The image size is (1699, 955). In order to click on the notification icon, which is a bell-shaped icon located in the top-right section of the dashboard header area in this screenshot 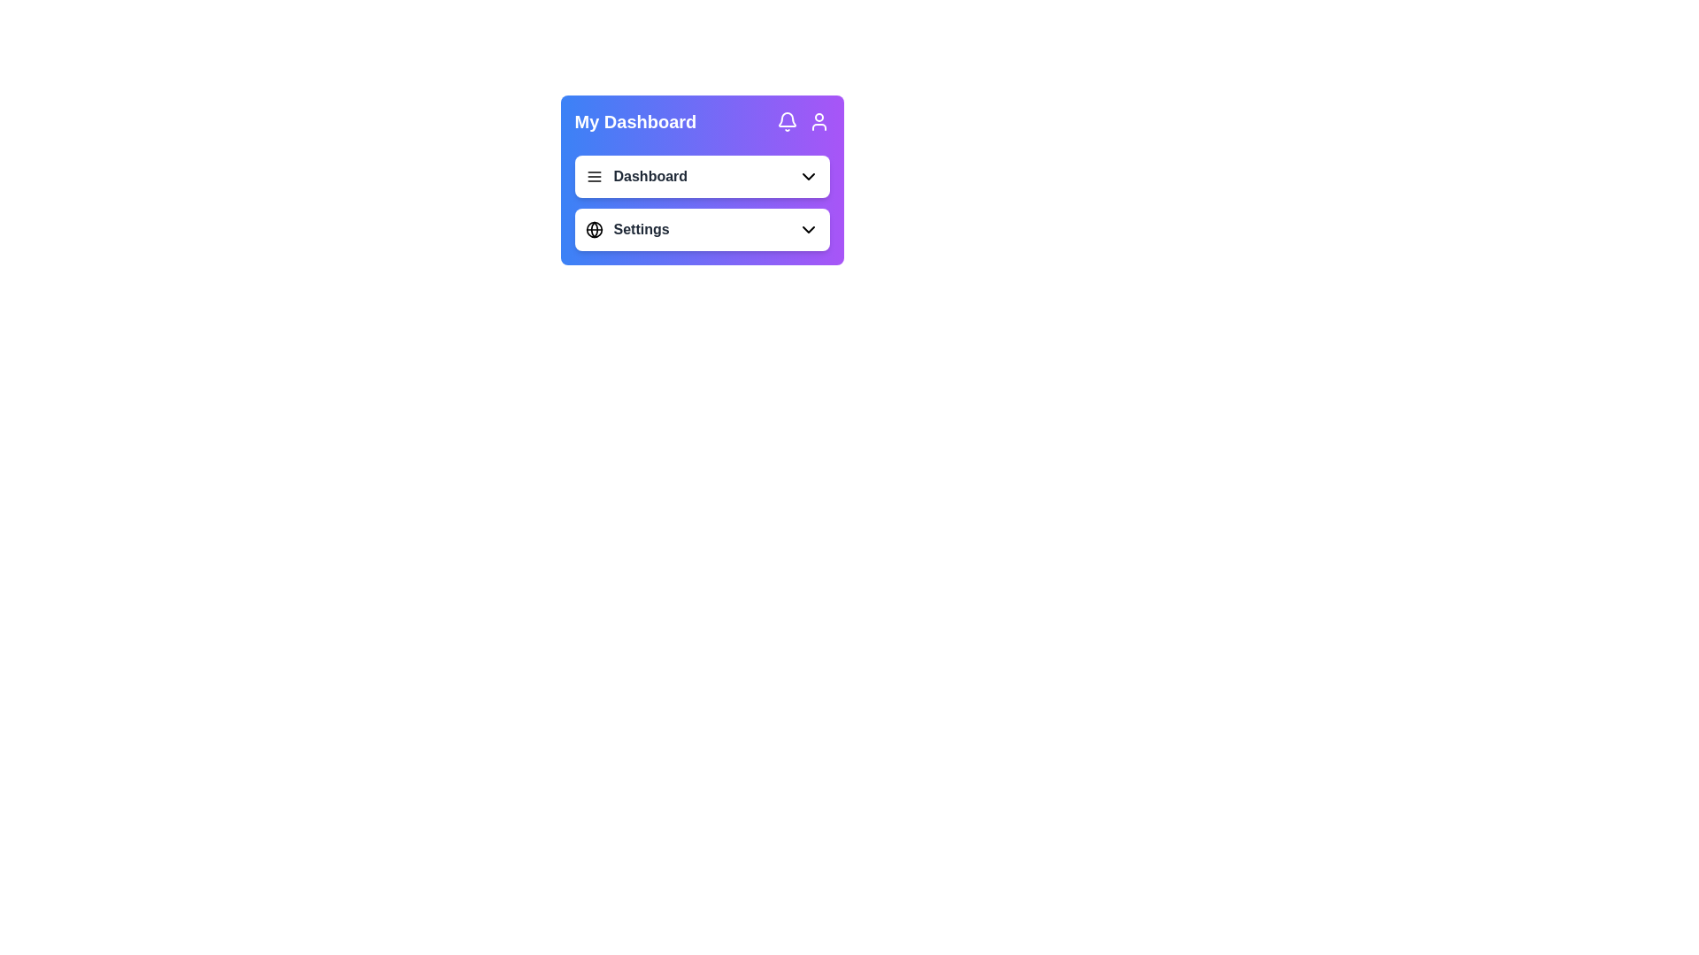, I will do `click(786, 119)`.